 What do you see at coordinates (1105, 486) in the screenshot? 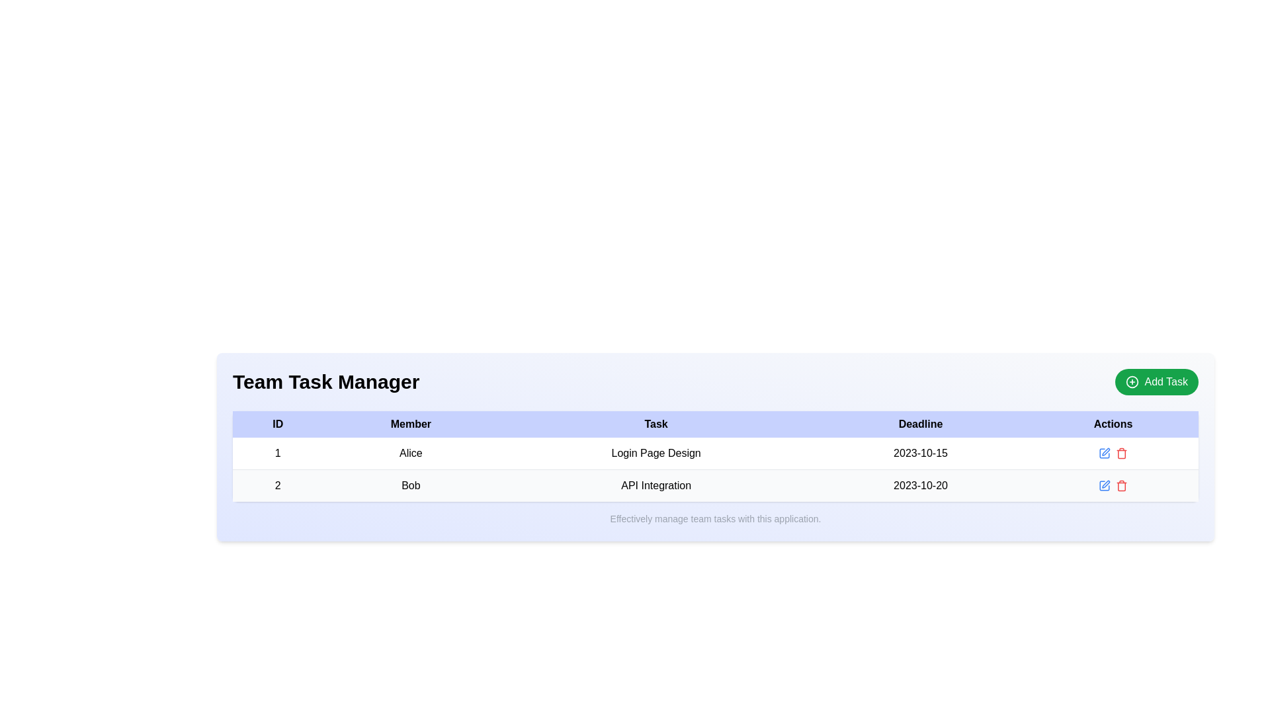
I see `the pencil icon button located in the 'Actions' column of the second row of the table` at bounding box center [1105, 486].